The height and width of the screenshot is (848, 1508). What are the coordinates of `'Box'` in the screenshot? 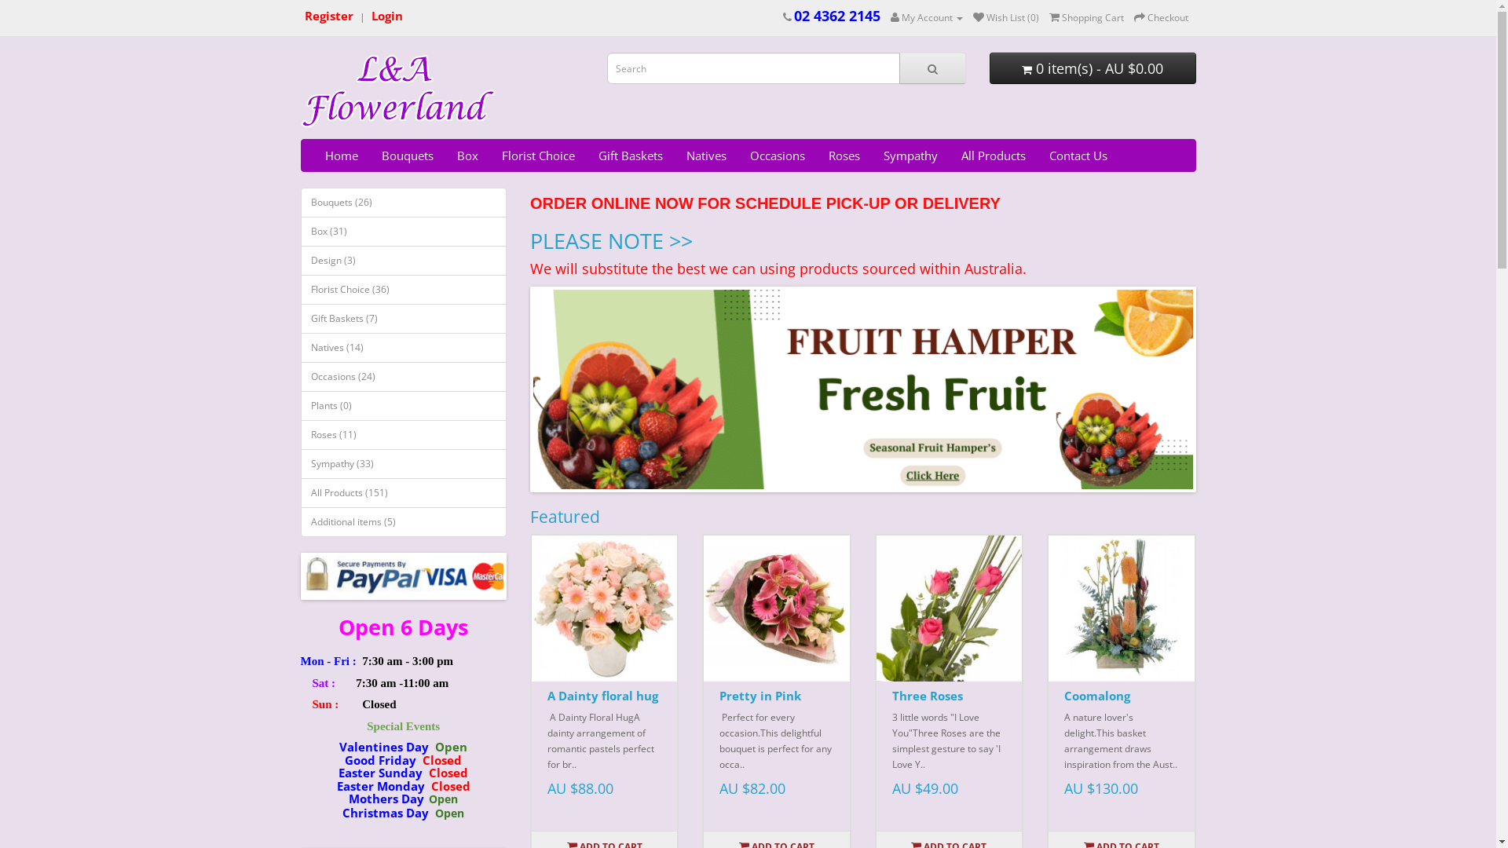 It's located at (466, 155).